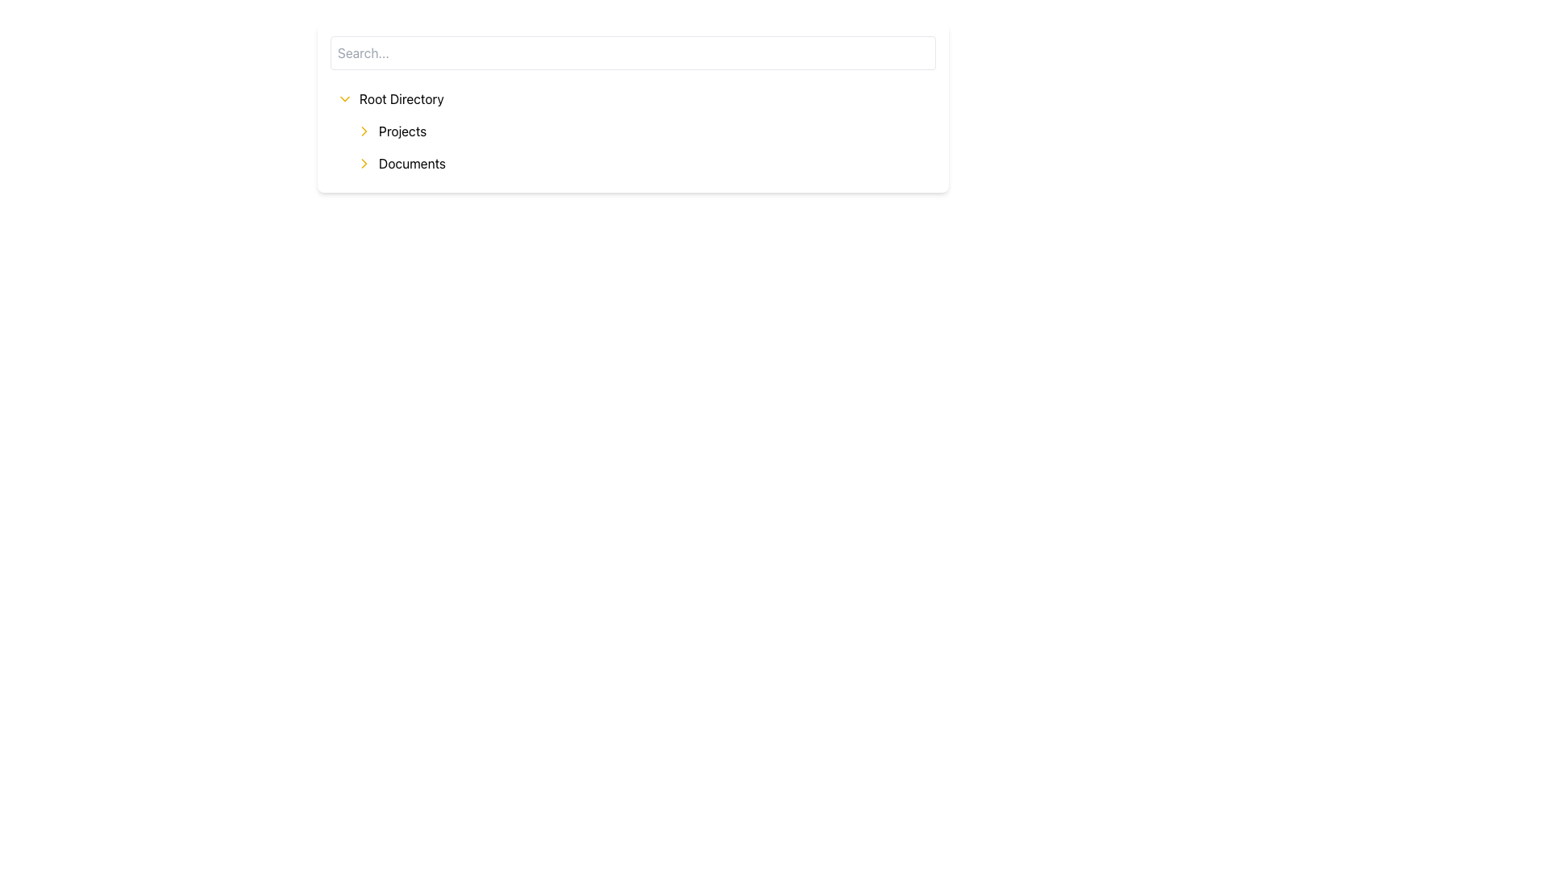 The image size is (1548, 871). I want to click on the small right-facing yellow chevron icon located to the left of the 'Projects' text label in the menu item, so click(363, 130).